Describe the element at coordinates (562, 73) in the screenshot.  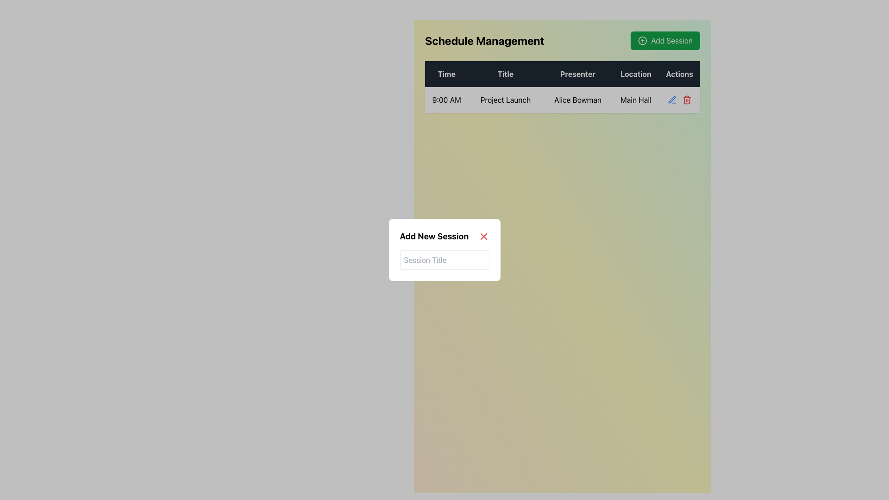
I see `the header label for the 'Presenter' column in the schedule management table, which is the third entry from the left` at that location.